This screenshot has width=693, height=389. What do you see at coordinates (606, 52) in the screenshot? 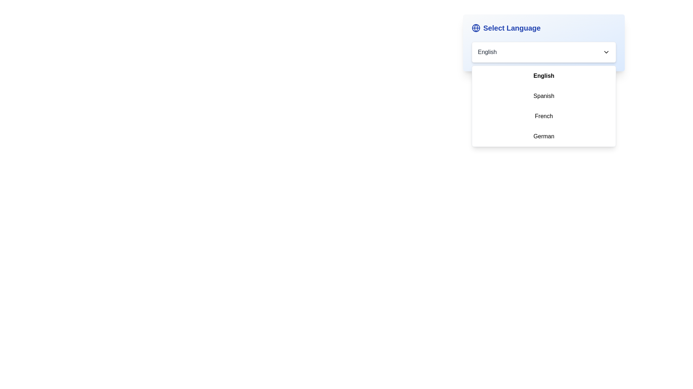
I see `the dropdown toggle button to close the language options` at bounding box center [606, 52].